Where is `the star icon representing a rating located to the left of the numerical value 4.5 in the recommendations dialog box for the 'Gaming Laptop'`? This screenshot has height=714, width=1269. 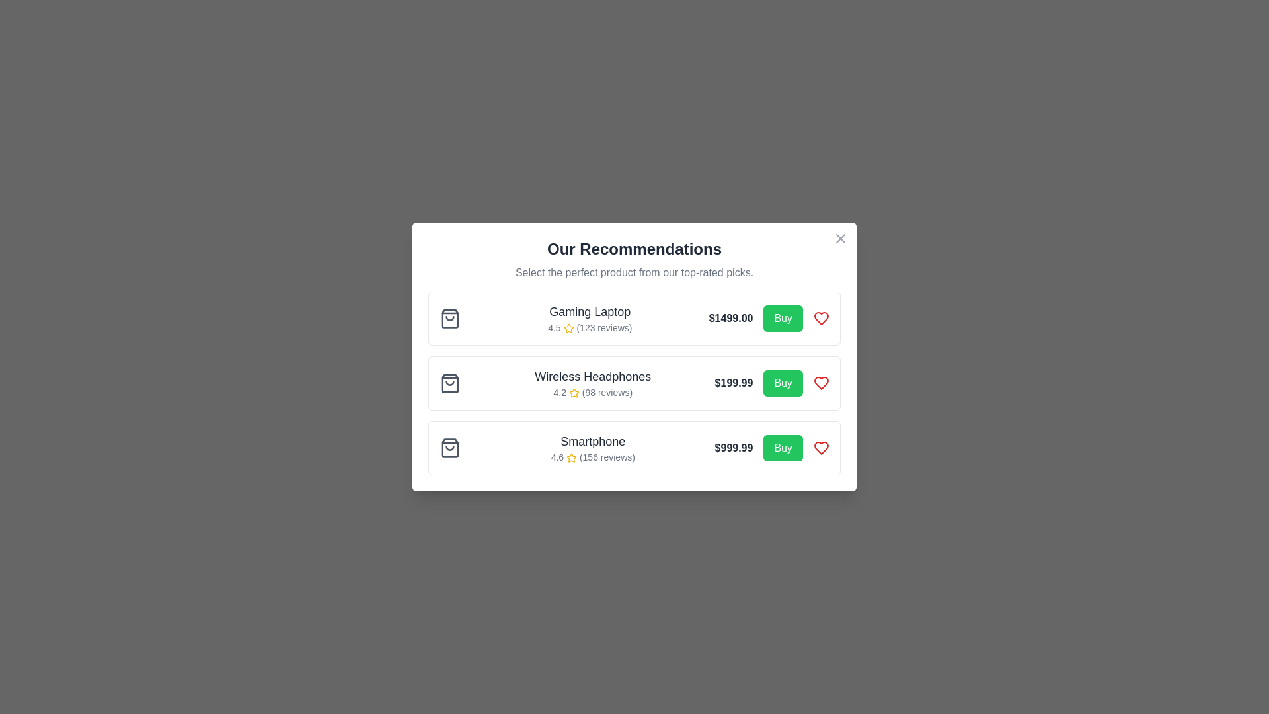 the star icon representing a rating located to the left of the numerical value 4.5 in the recommendations dialog box for the 'Gaming Laptop' is located at coordinates (568, 328).